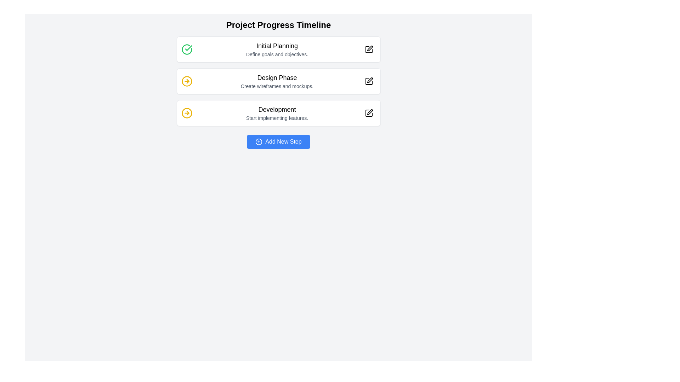  What do you see at coordinates (368, 113) in the screenshot?
I see `the edit icon component located at the far right of the 'Development' step in the timeline, which visually represents the editing functionality` at bounding box center [368, 113].